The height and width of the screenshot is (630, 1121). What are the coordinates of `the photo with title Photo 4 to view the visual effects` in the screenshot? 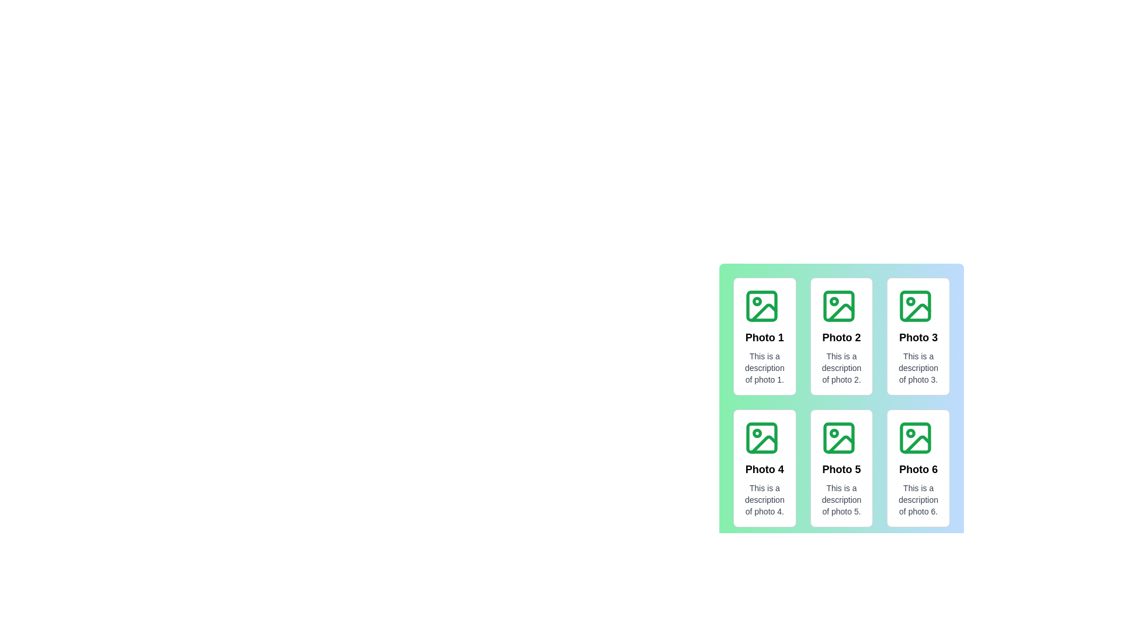 It's located at (764, 467).